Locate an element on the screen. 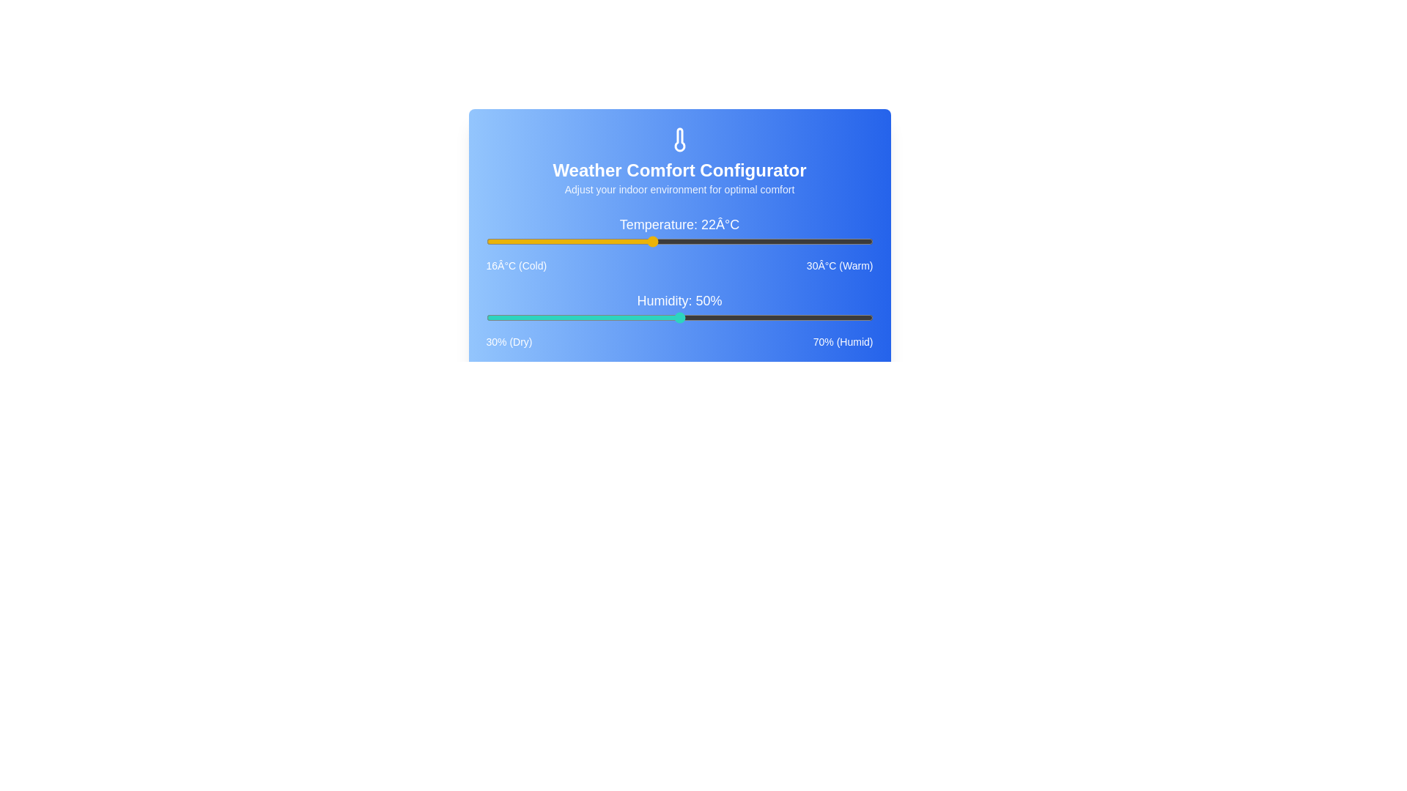 Image resolution: width=1407 pixels, height=791 pixels. the humidity slider to 62% is located at coordinates (794, 317).